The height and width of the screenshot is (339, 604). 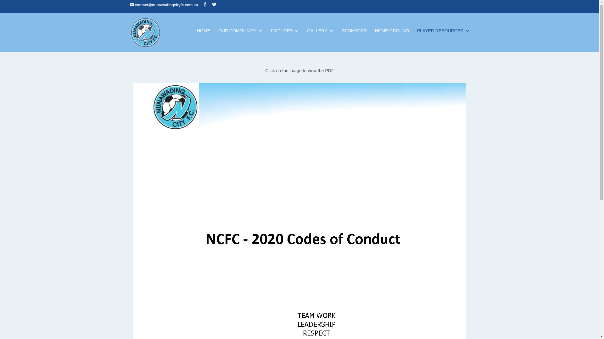 What do you see at coordinates (320, 39) in the screenshot?
I see `'GALLERY'` at bounding box center [320, 39].